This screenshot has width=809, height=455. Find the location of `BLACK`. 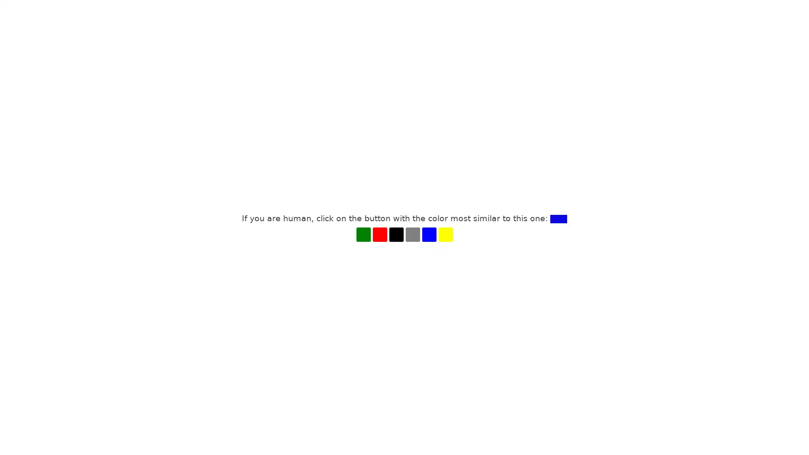

BLACK is located at coordinates (396, 234).